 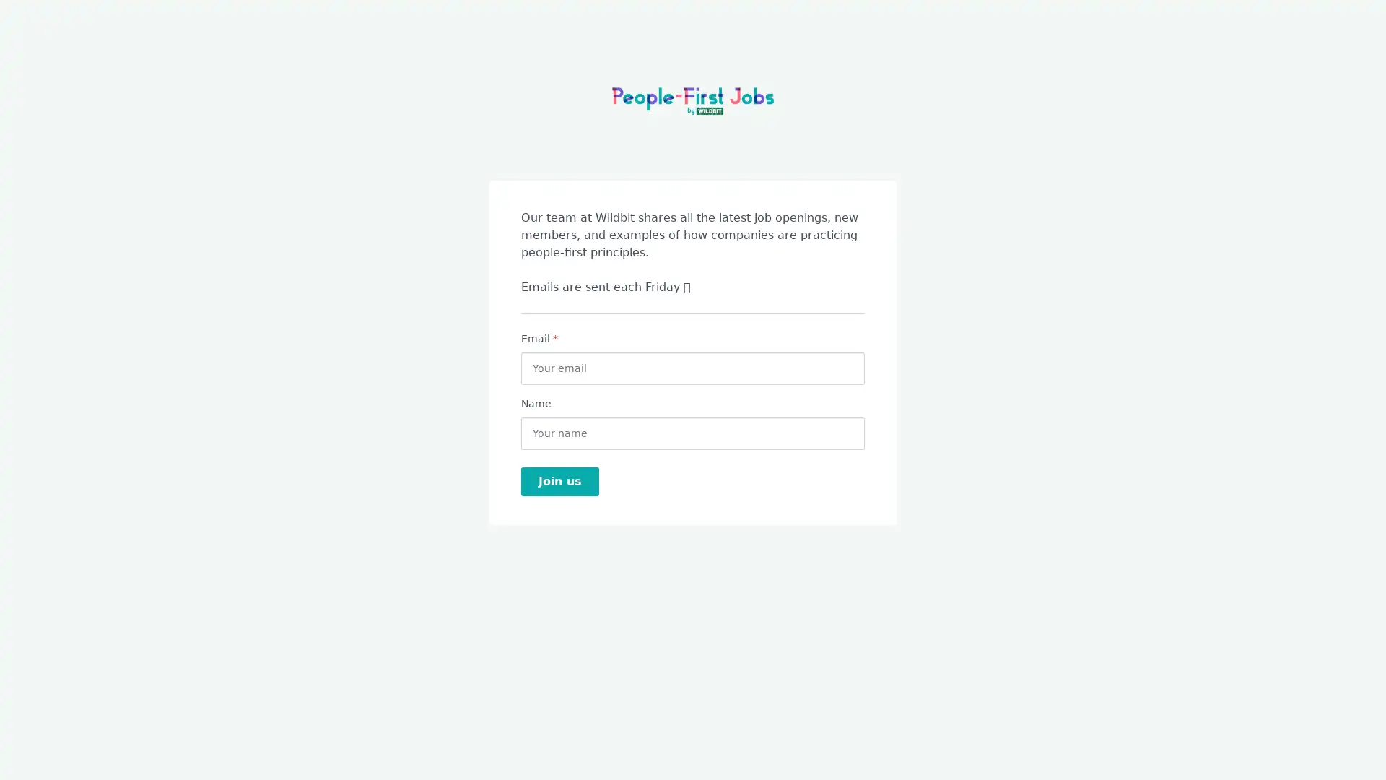 I want to click on Join us, so click(x=559, y=482).